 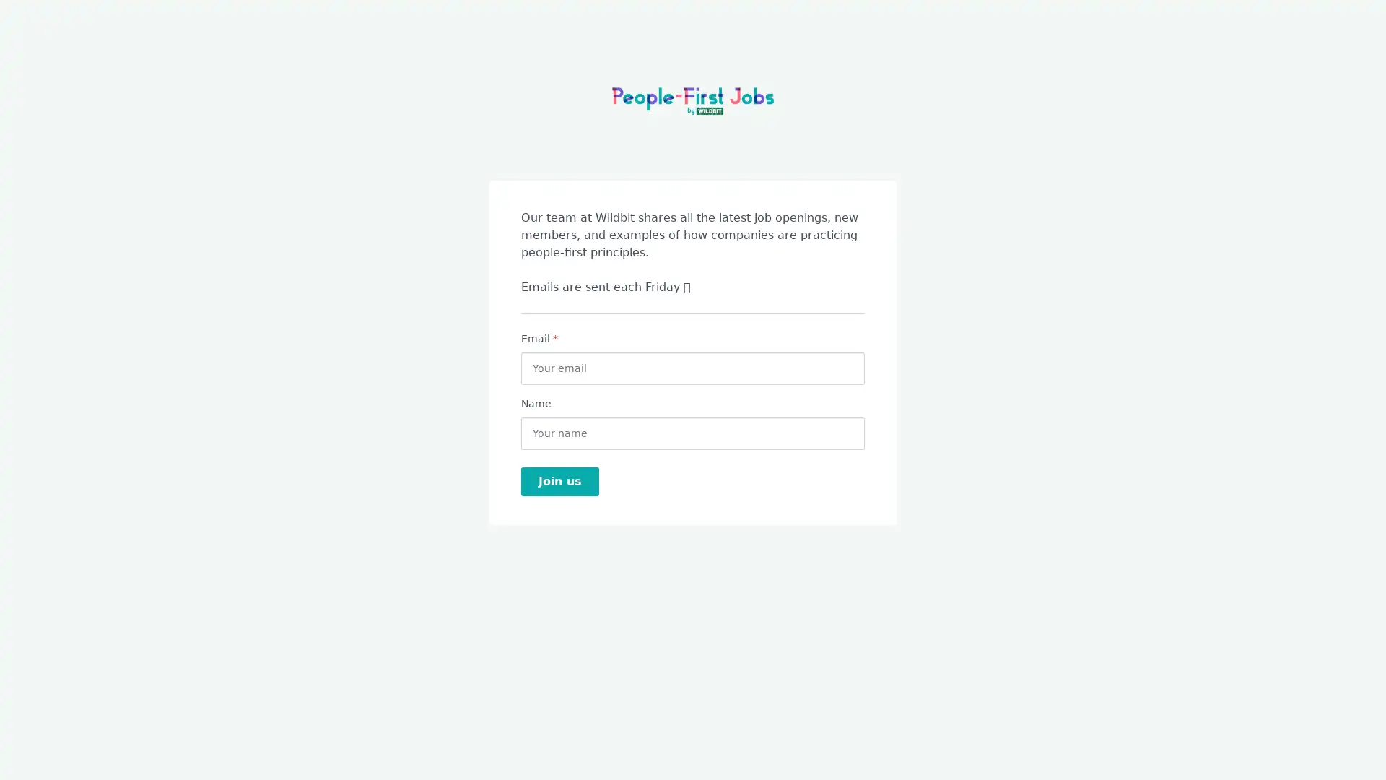 I want to click on Join us, so click(x=559, y=482).